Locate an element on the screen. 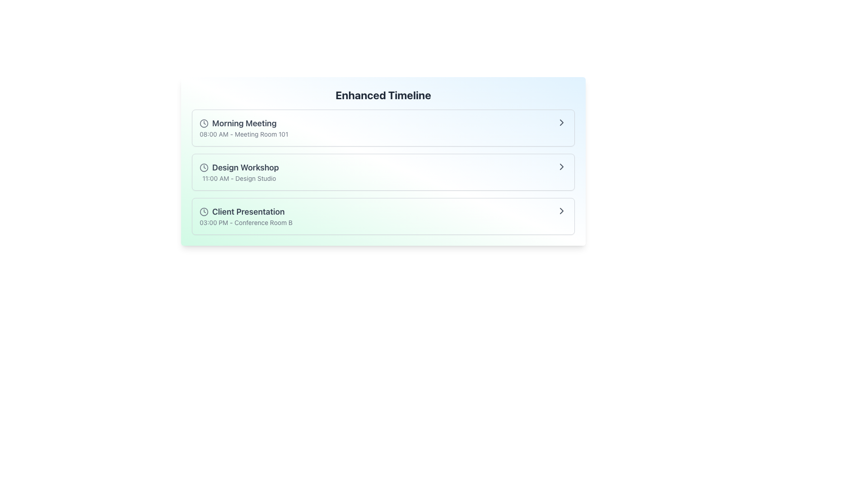  the informational text label displaying 'Client Presentation', which is the third item in the vertically stacked schedule list, positioned below 'Design Workshop' is located at coordinates (246, 212).